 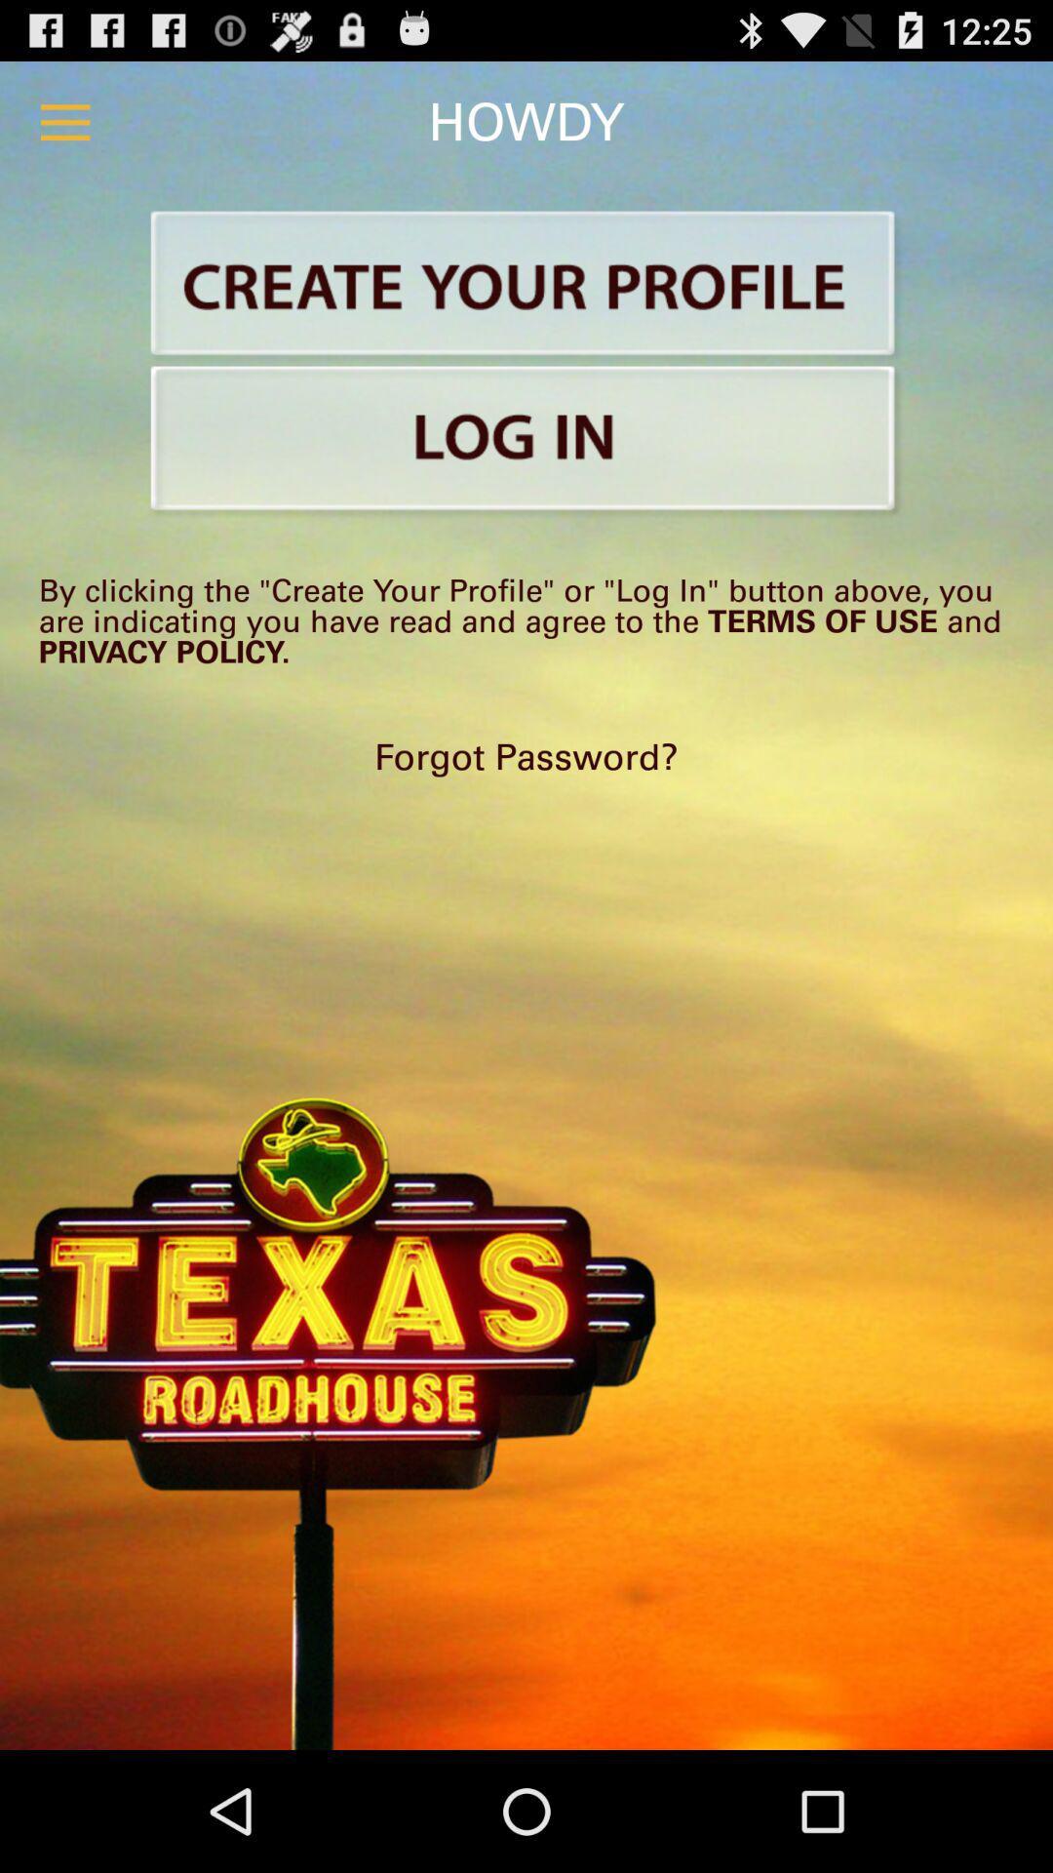 I want to click on make account, so click(x=526, y=286).